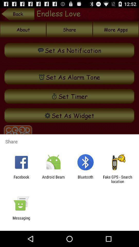 This screenshot has height=247, width=139. Describe the element at coordinates (85, 179) in the screenshot. I see `bluetooth item` at that location.